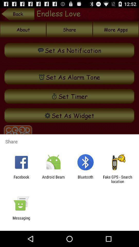 This screenshot has height=247, width=139. Describe the element at coordinates (85, 179) in the screenshot. I see `bluetooth item` at that location.